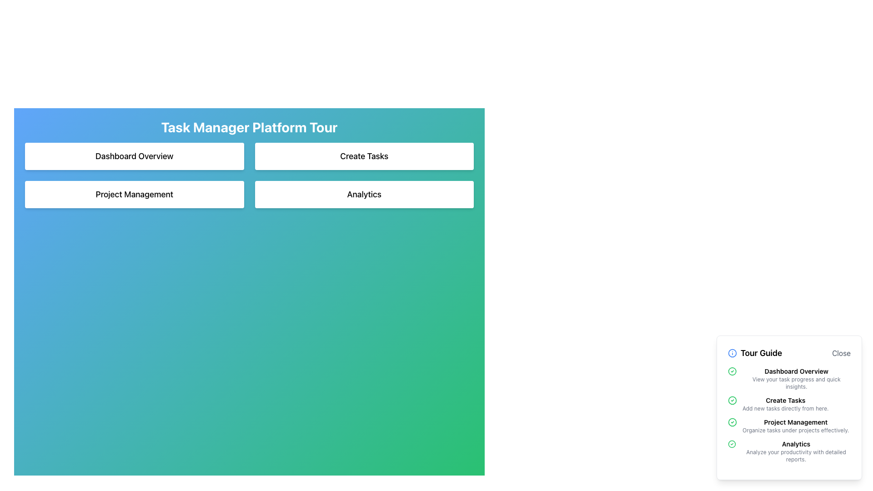 This screenshot has width=873, height=491. What do you see at coordinates (796, 443) in the screenshot?
I see `the header element labeled 'Analytics' that serves as a title representing a feature or section in the 'Tour Guide' panel` at bounding box center [796, 443].